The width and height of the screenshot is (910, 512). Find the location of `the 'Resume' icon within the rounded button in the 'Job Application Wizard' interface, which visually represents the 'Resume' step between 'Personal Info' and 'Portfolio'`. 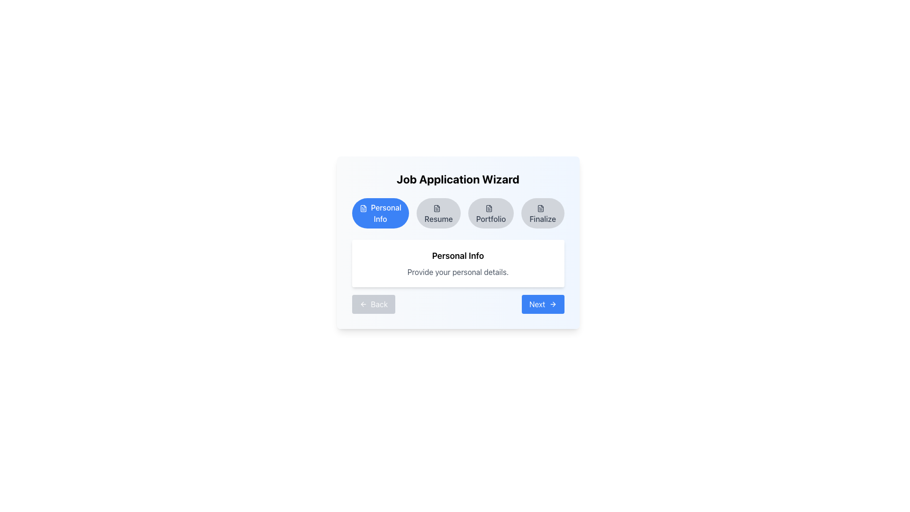

the 'Resume' icon within the rounded button in the 'Job Application Wizard' interface, which visually represents the 'Resume' step between 'Personal Info' and 'Portfolio' is located at coordinates (436, 208).